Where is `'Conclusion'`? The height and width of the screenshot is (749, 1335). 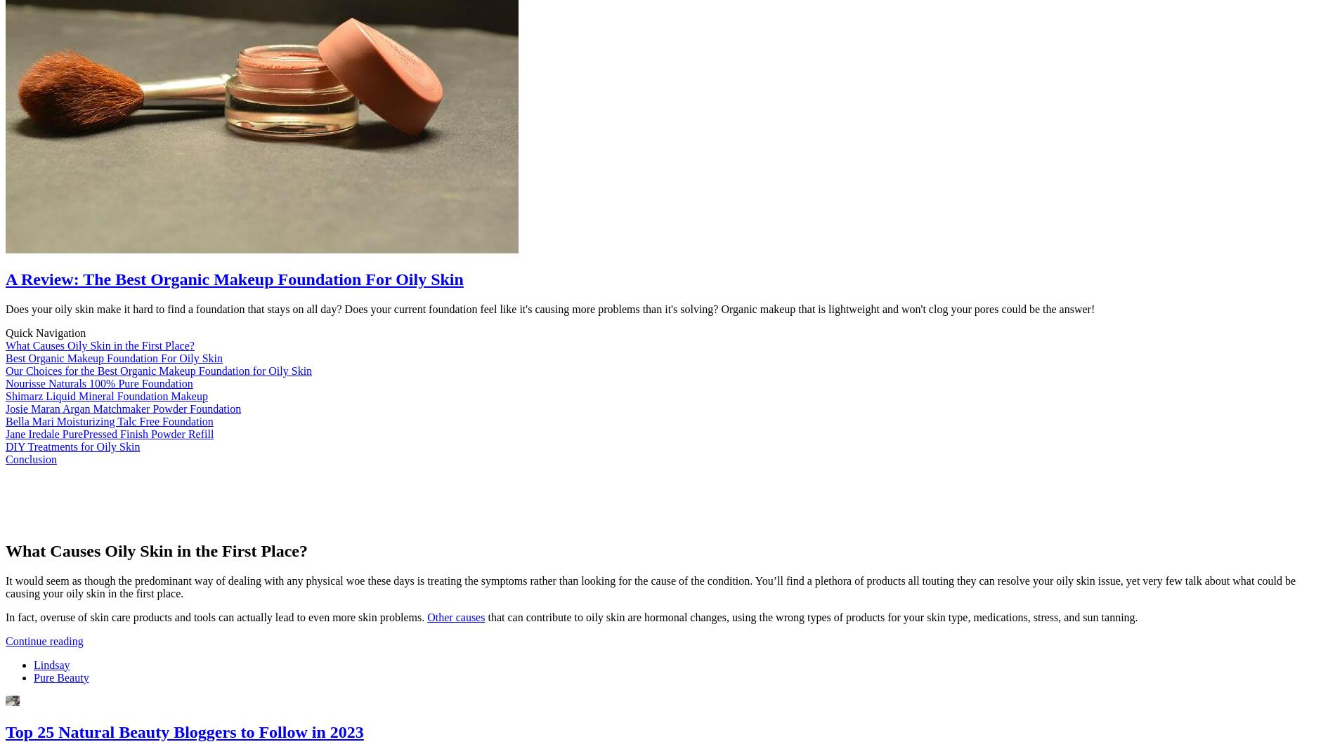 'Conclusion' is located at coordinates (31, 458).